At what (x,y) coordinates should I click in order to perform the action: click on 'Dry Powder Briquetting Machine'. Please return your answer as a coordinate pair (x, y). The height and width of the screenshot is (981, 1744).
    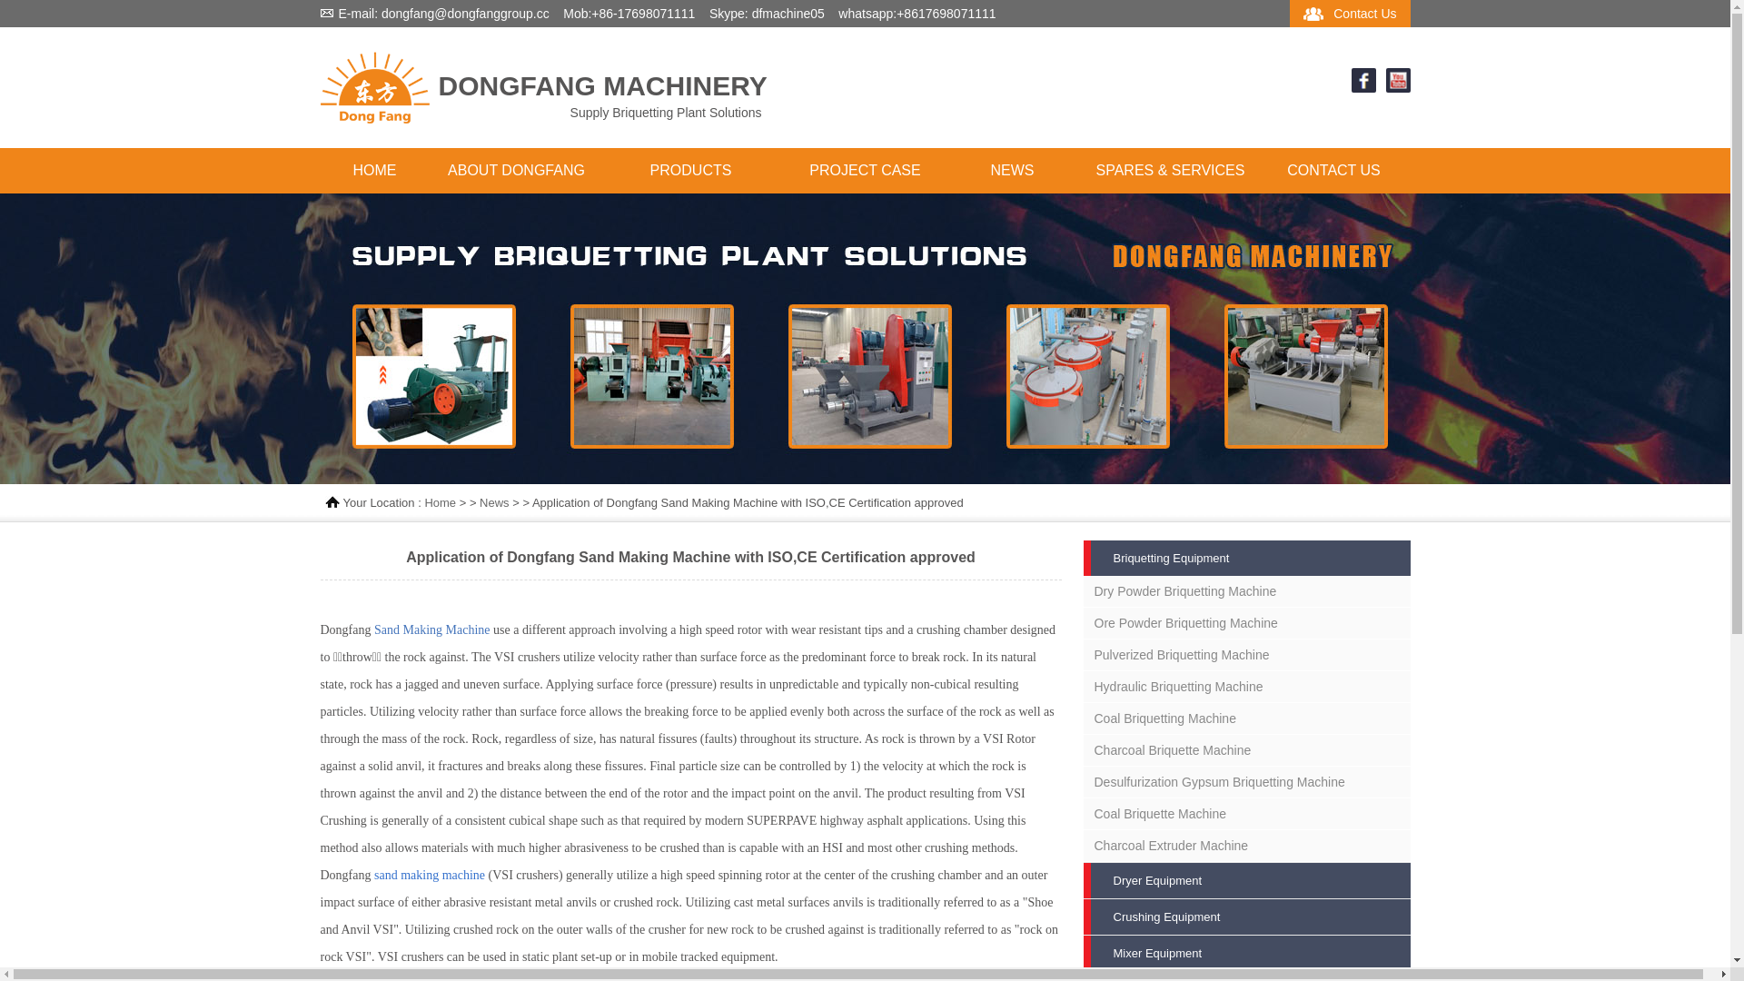
    Looking at the image, I should click on (1245, 591).